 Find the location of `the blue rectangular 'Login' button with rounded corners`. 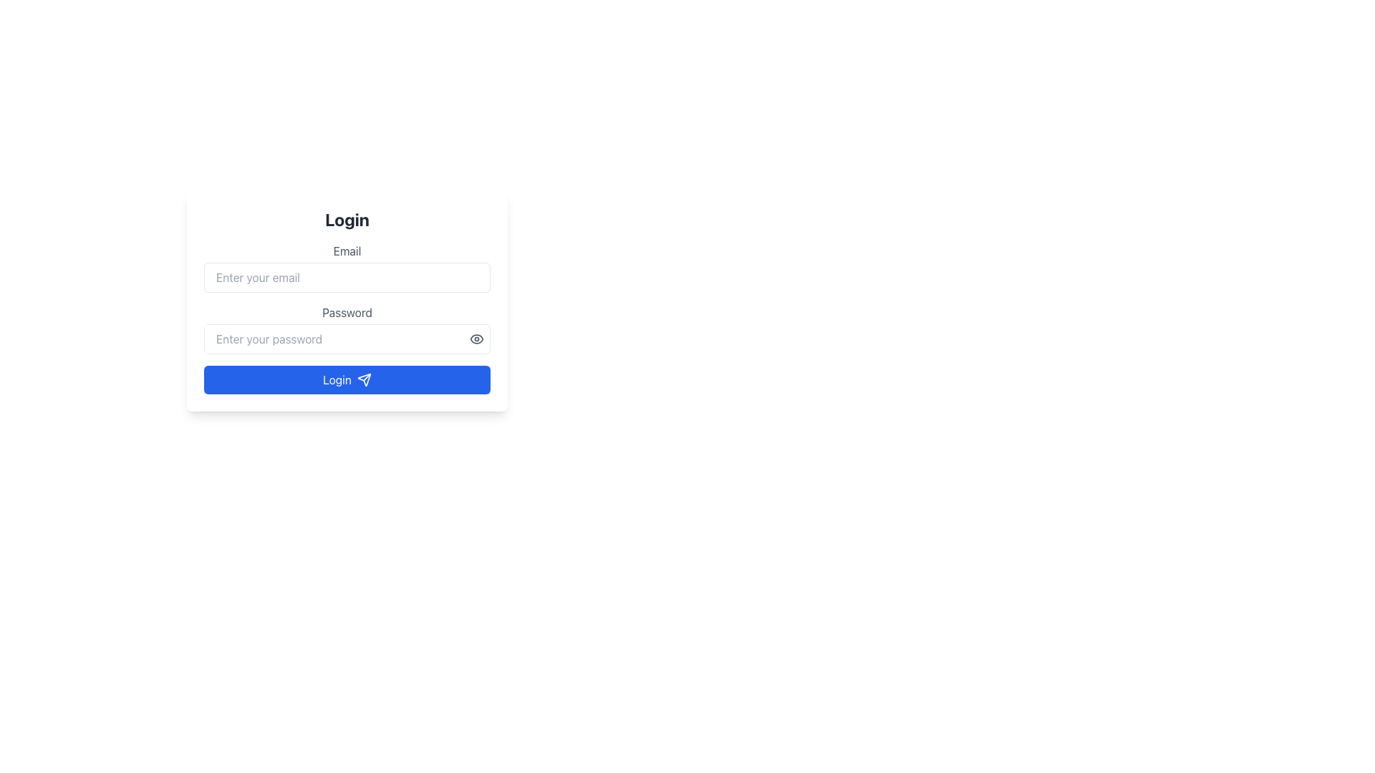

the blue rectangular 'Login' button with rounded corners is located at coordinates (347, 379).